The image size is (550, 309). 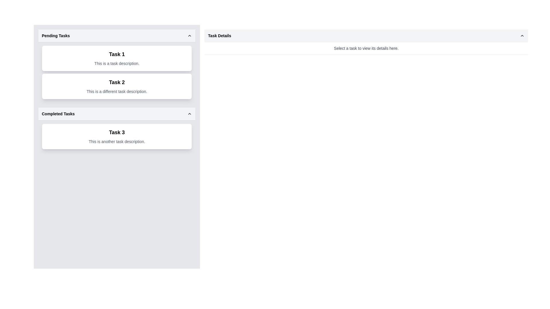 What do you see at coordinates (117, 58) in the screenshot?
I see `the first task item card in the 'Pending Tasks' section` at bounding box center [117, 58].